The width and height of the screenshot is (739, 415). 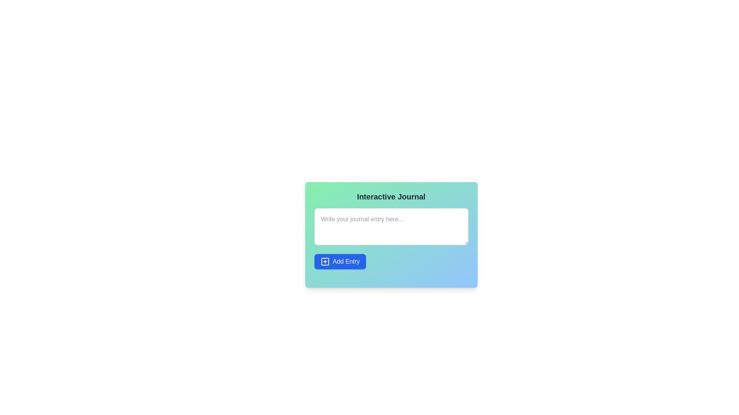 I want to click on the 'Add Entry' button which contains a square icon with a plus sign inside, so click(x=325, y=261).